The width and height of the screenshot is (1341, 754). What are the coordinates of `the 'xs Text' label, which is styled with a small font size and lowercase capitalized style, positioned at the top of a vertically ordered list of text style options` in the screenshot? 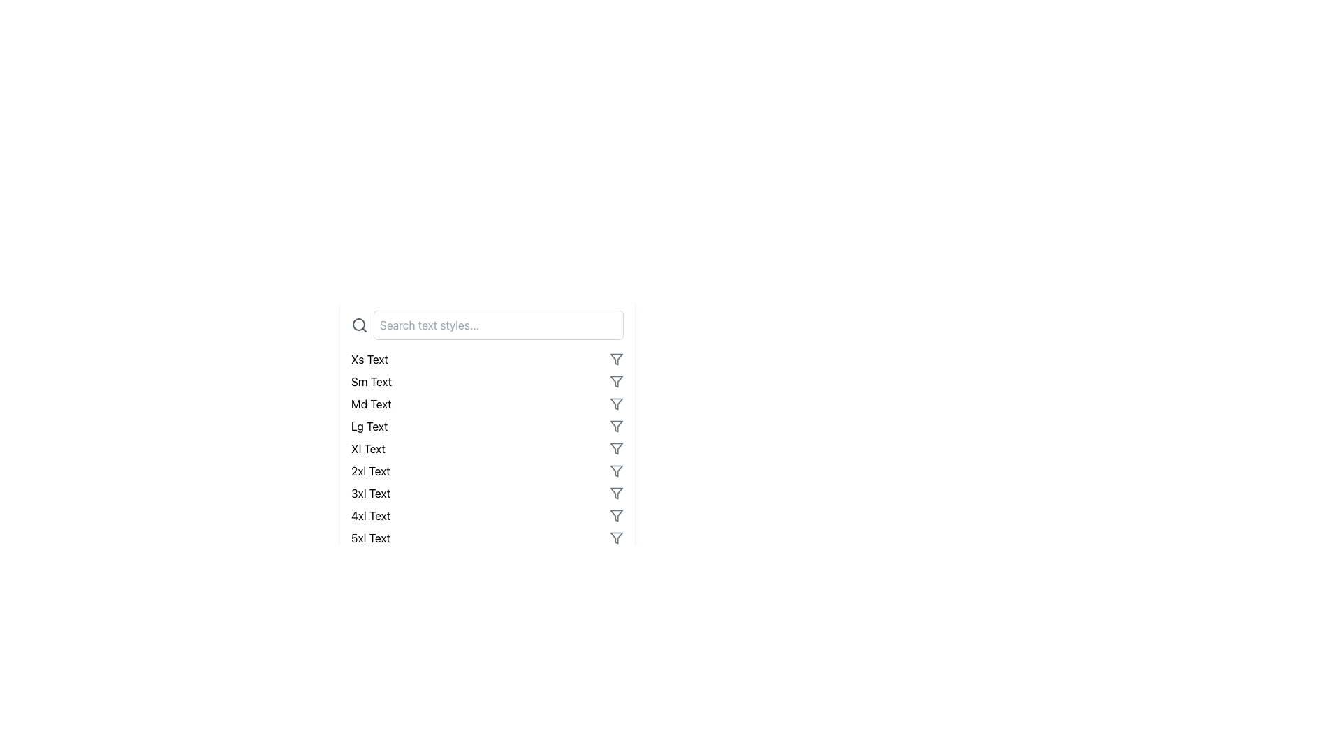 It's located at (369, 359).